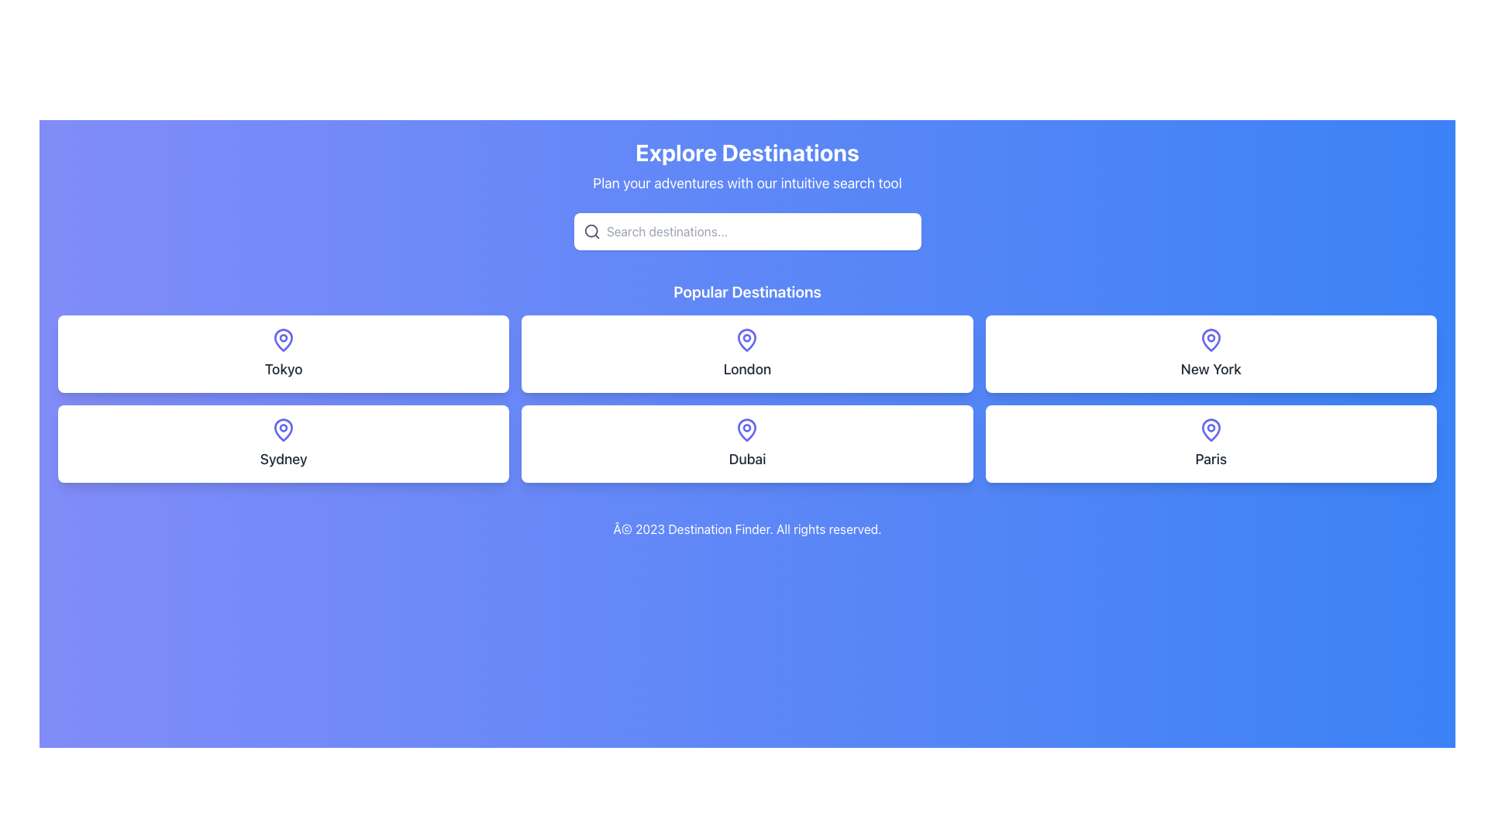 The height and width of the screenshot is (837, 1488). I want to click on the first selectable card tile for the destination 'Tokyo' in the destination selection interface, so click(284, 353).